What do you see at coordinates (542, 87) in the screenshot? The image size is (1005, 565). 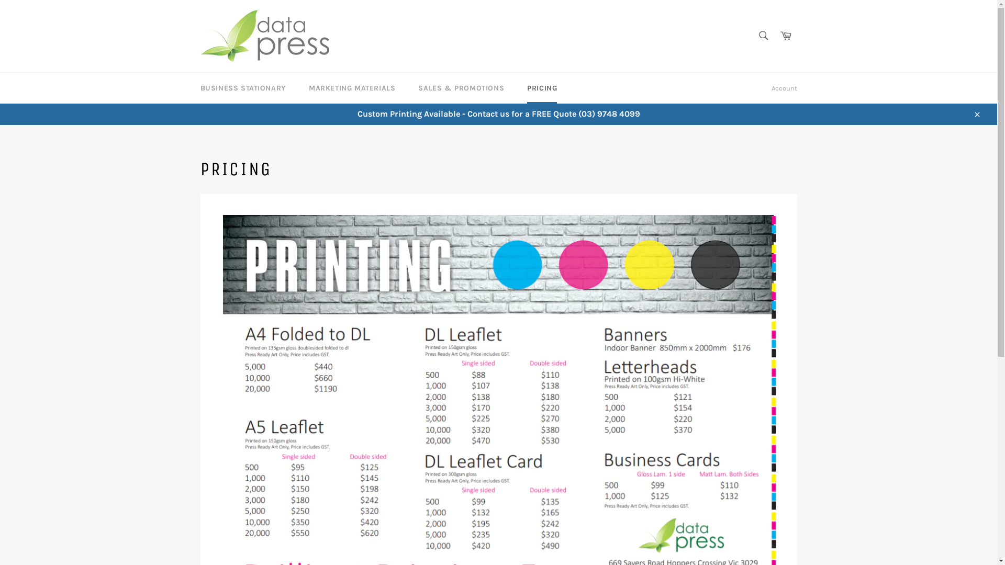 I see `'PRICING'` at bounding box center [542, 87].